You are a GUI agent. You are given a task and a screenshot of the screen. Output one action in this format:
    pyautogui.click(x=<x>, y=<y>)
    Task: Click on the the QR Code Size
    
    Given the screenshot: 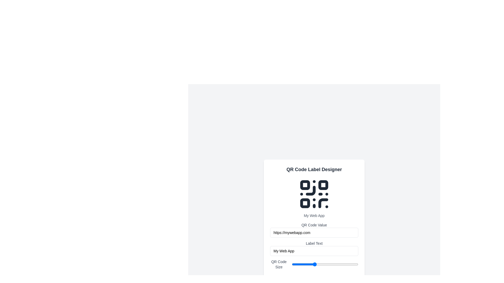 What is the action you would take?
    pyautogui.click(x=304, y=264)
    